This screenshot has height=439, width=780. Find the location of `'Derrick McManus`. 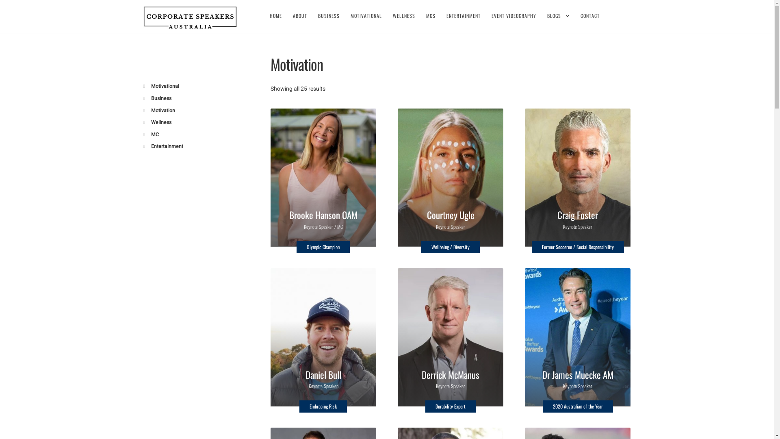

'Derrick McManus is located at coordinates (450, 337).